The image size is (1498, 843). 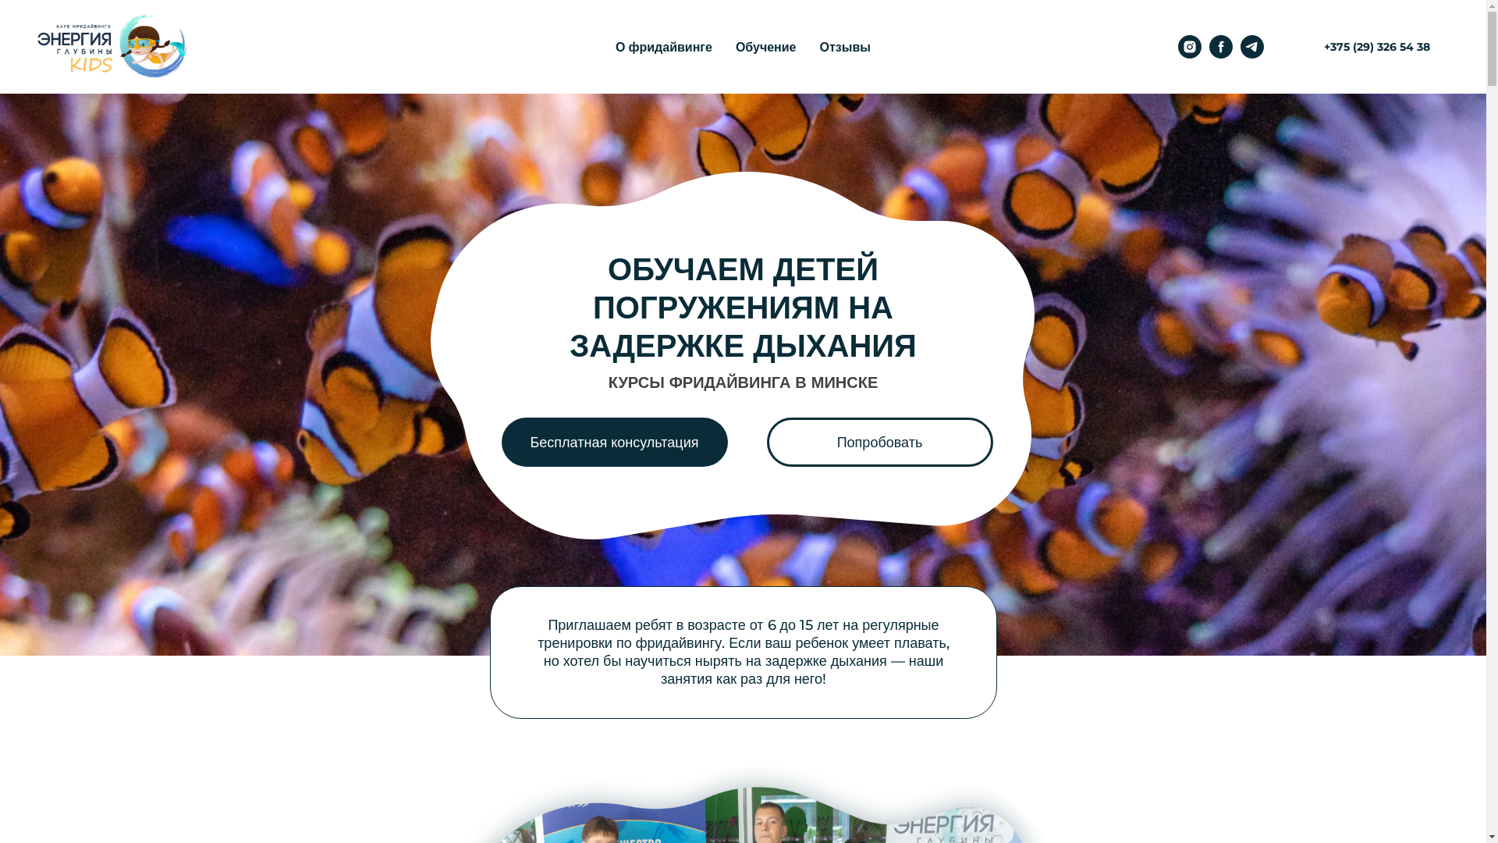 What do you see at coordinates (1377, 46) in the screenshot?
I see `'+375 (29) 326 54 38'` at bounding box center [1377, 46].